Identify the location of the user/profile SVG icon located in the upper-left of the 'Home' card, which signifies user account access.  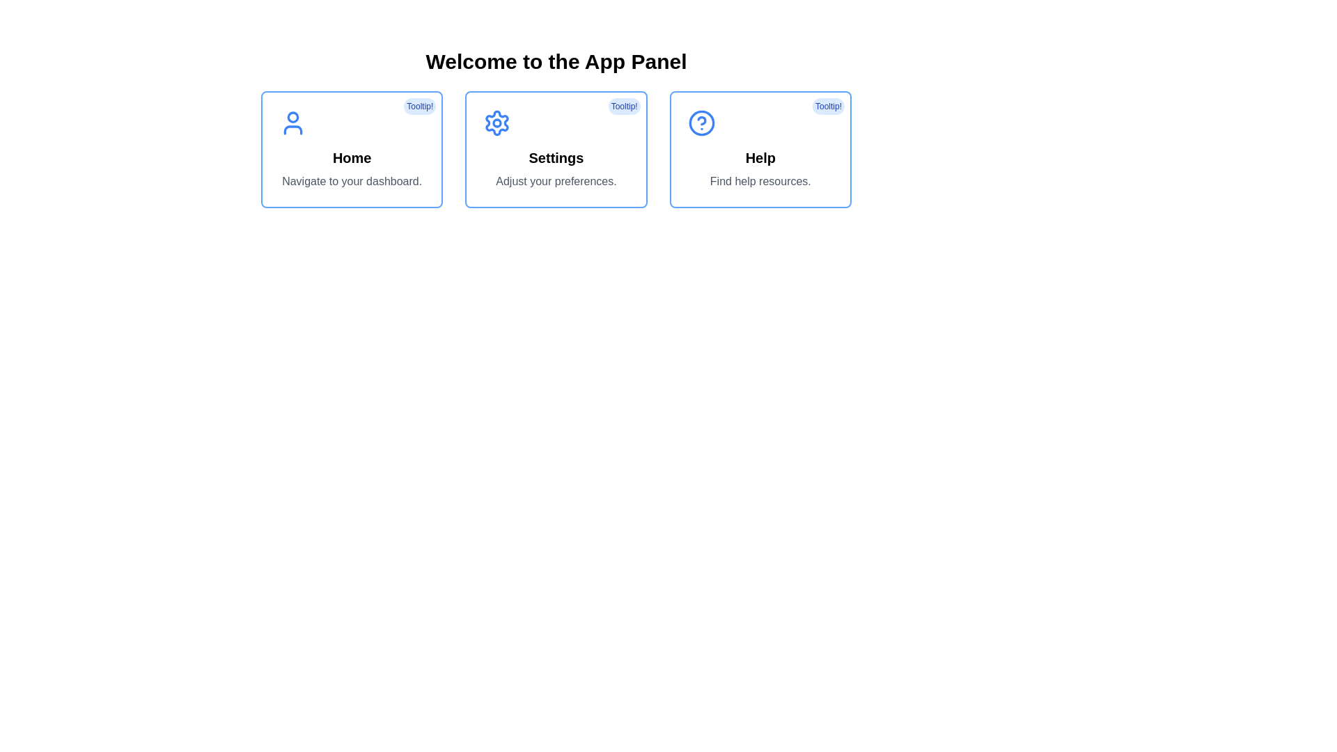
(292, 123).